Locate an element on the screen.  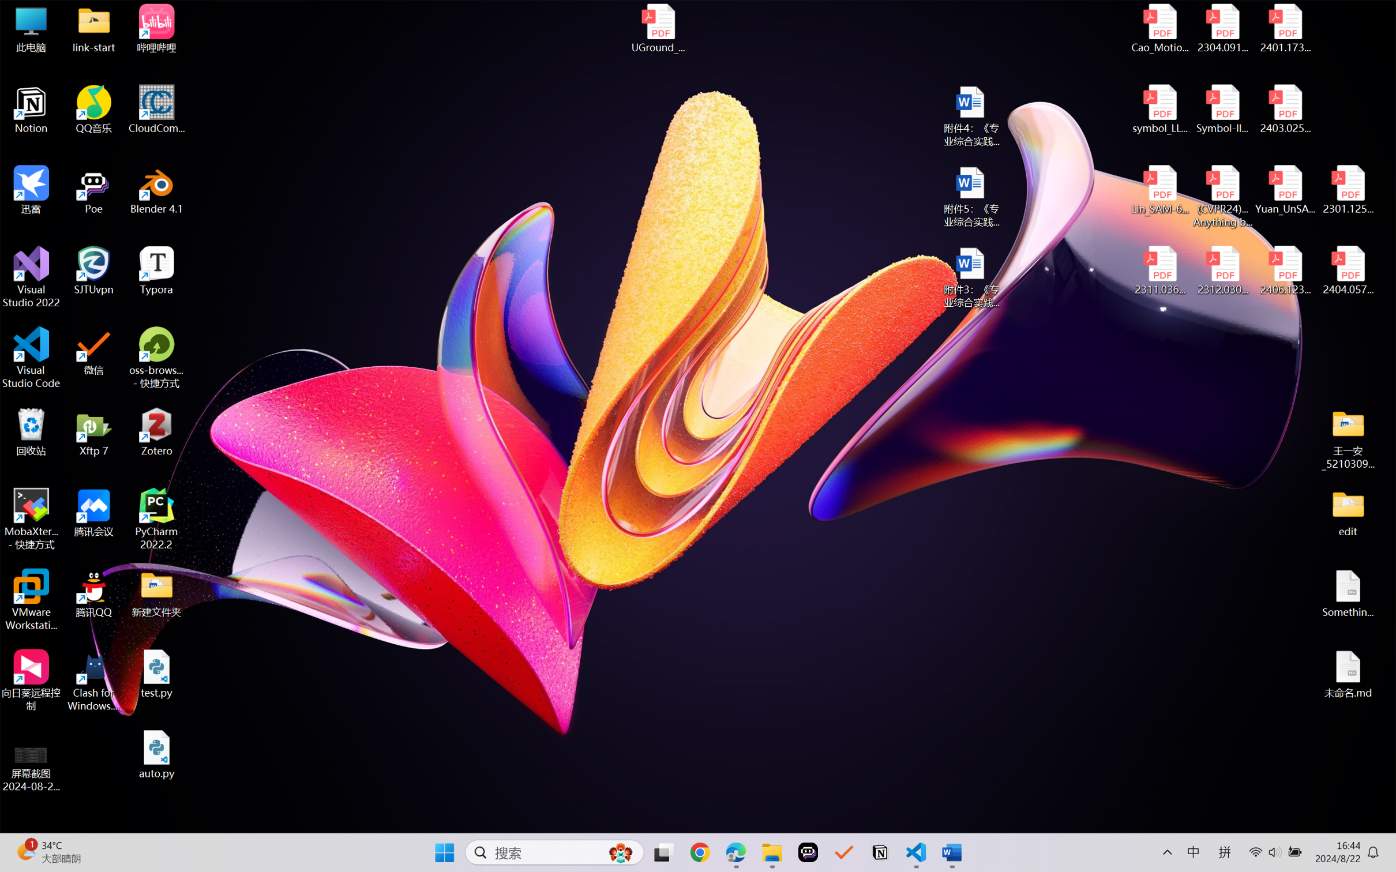
'2403.02502v1.pdf' is located at coordinates (1284, 110).